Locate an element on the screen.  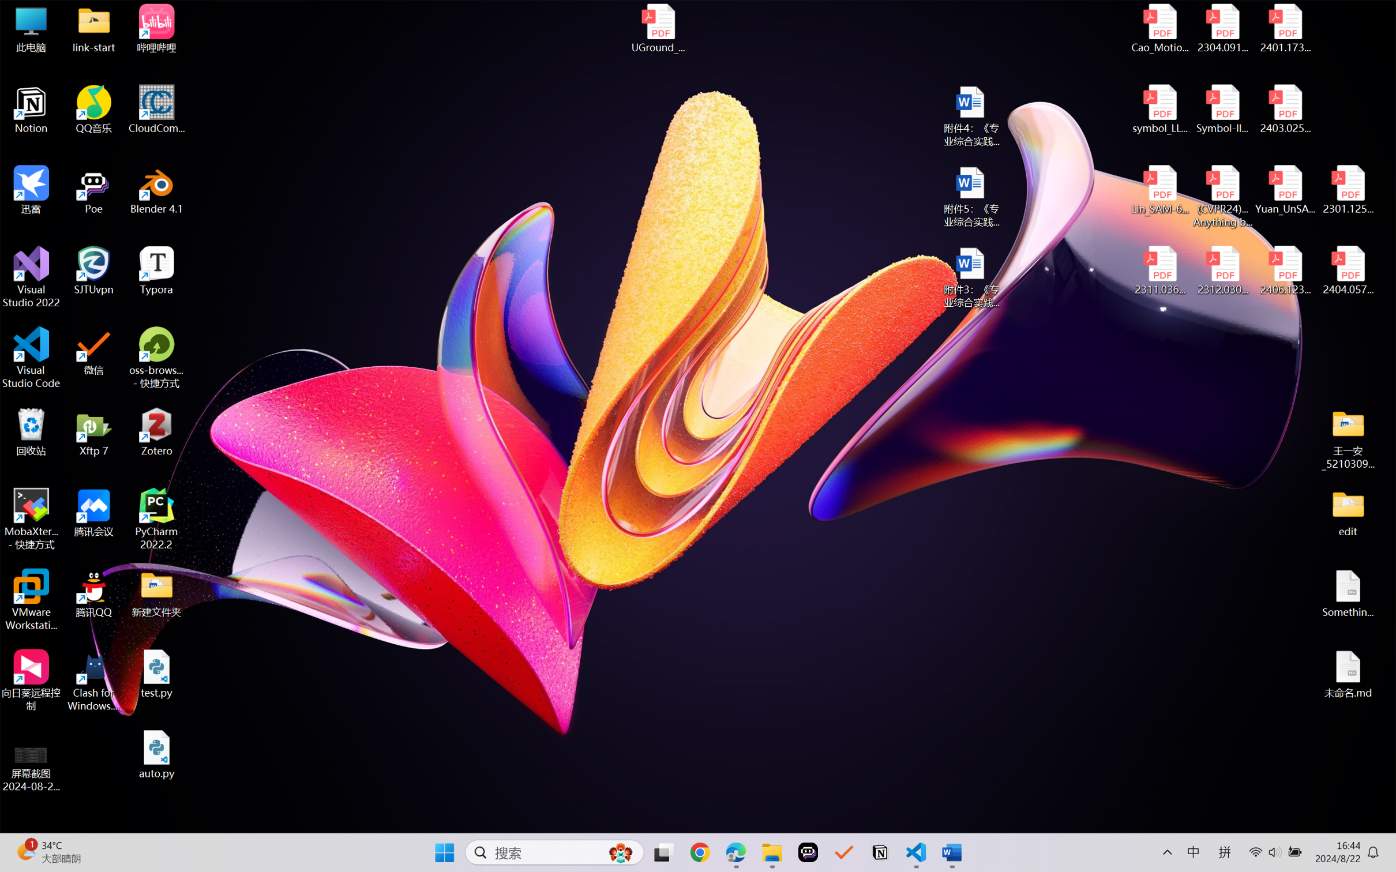
'2403.02502v1.pdf' is located at coordinates (1284, 110).